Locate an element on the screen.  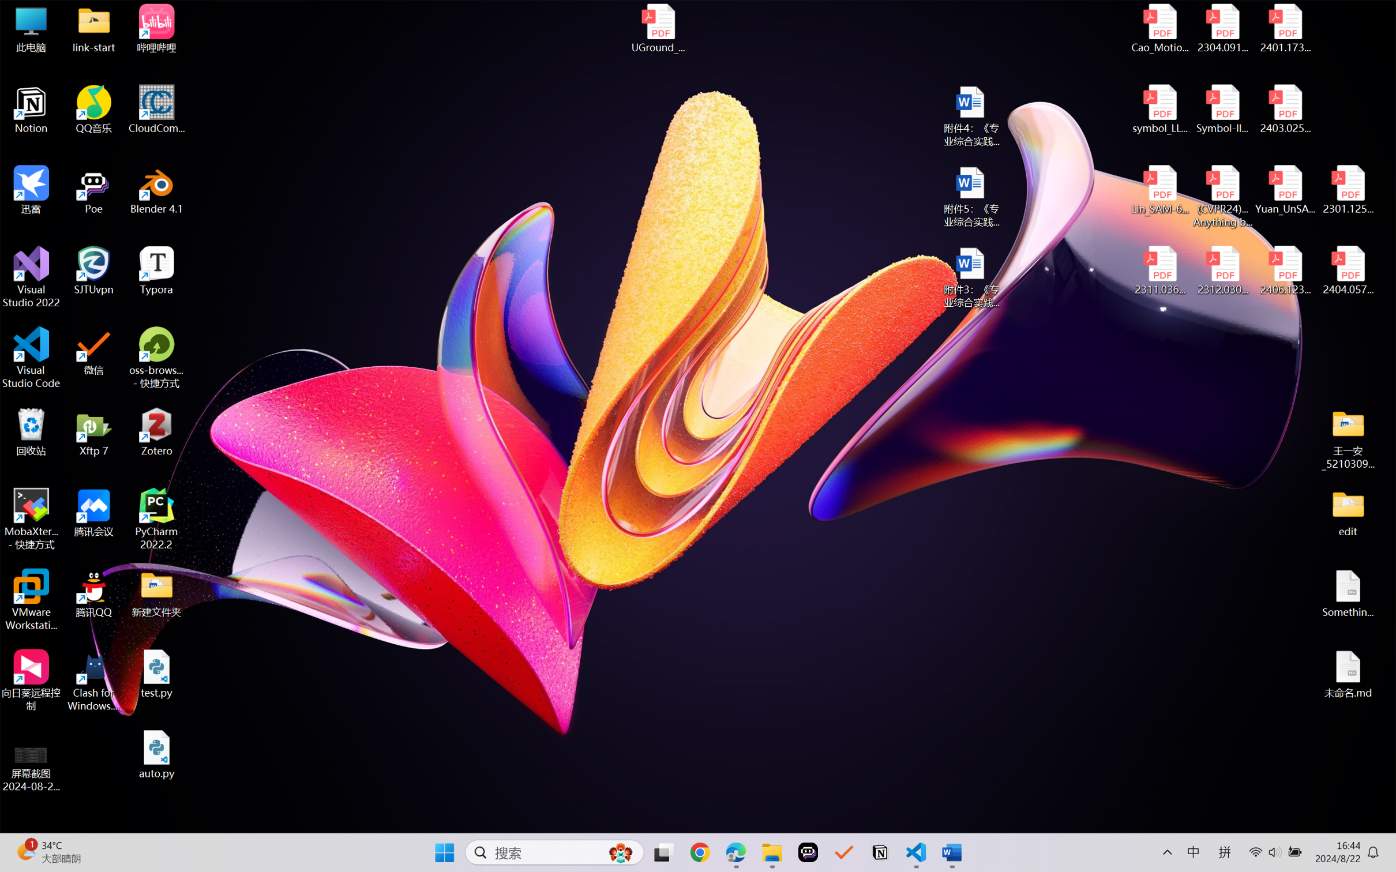
'2403.02502v1.pdf' is located at coordinates (1284, 110).